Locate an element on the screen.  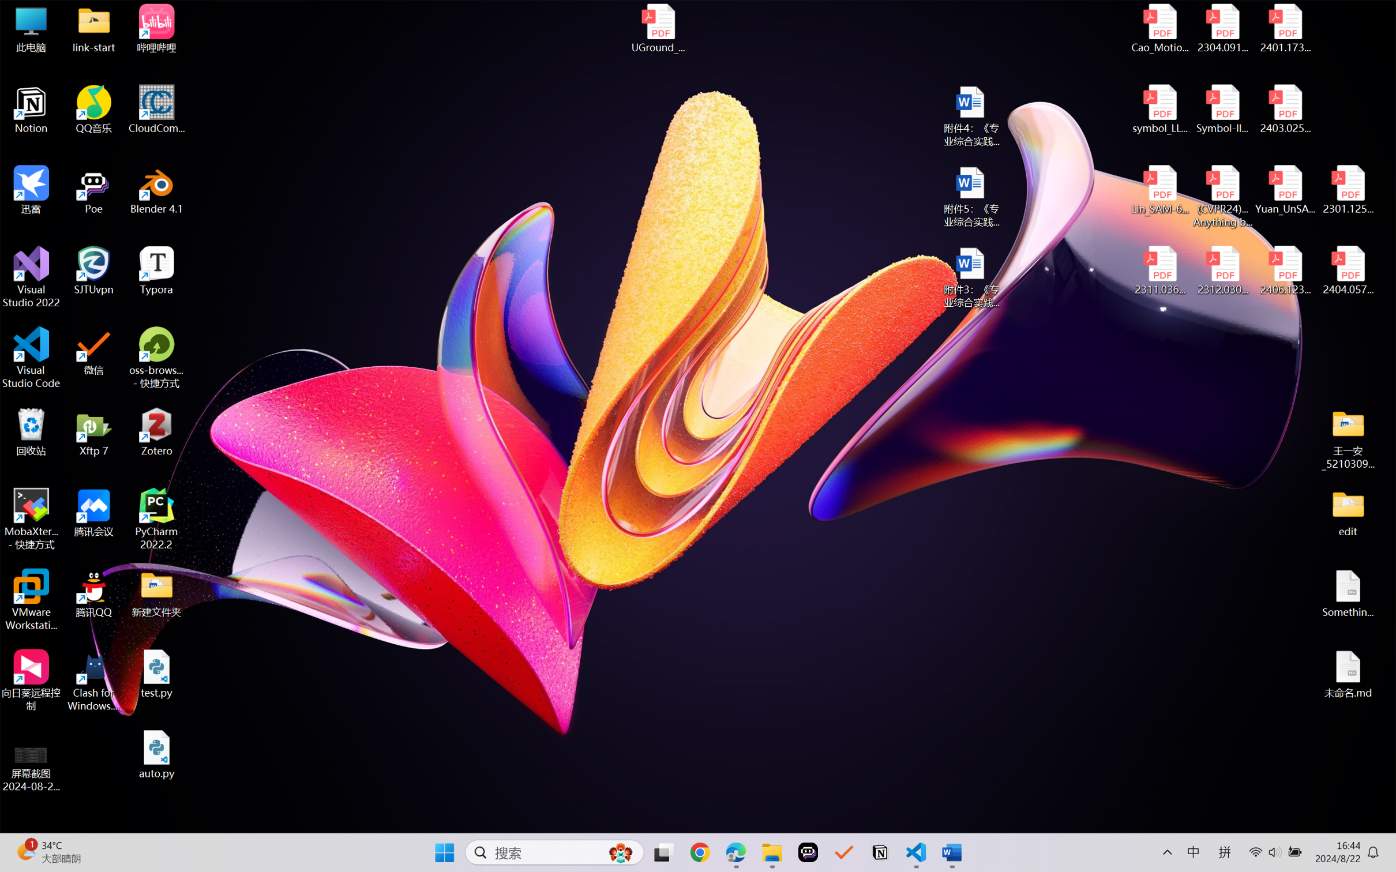
'2403.02502v1.pdf' is located at coordinates (1284, 110).